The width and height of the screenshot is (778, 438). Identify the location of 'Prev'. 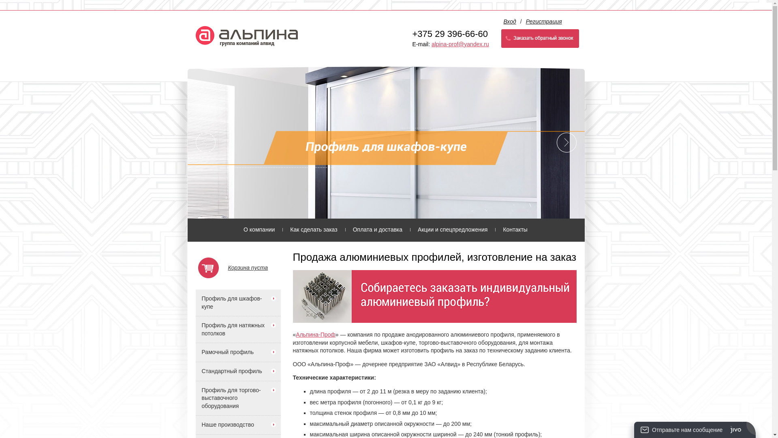
(201, 142).